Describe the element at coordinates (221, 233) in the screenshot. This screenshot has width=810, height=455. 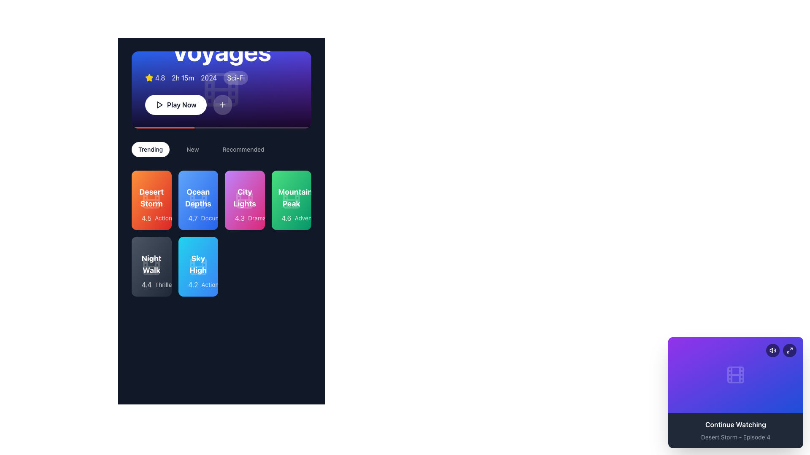
I see `a specific movie in the 'Trending' grid layout` at that location.